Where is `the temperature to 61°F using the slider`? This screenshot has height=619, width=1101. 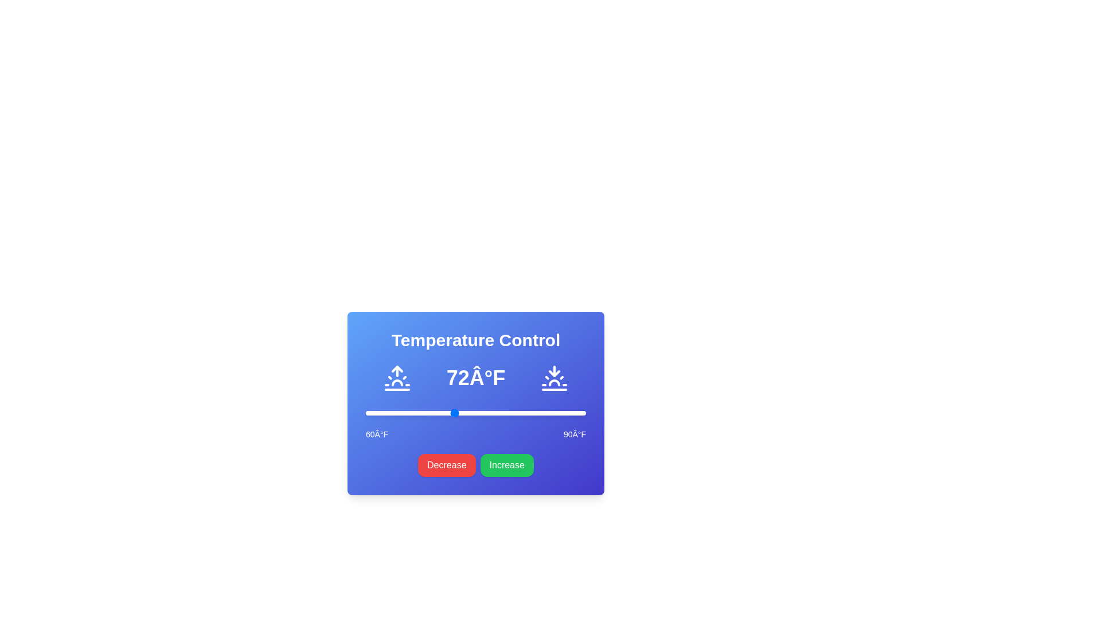 the temperature to 61°F using the slider is located at coordinates (373, 413).